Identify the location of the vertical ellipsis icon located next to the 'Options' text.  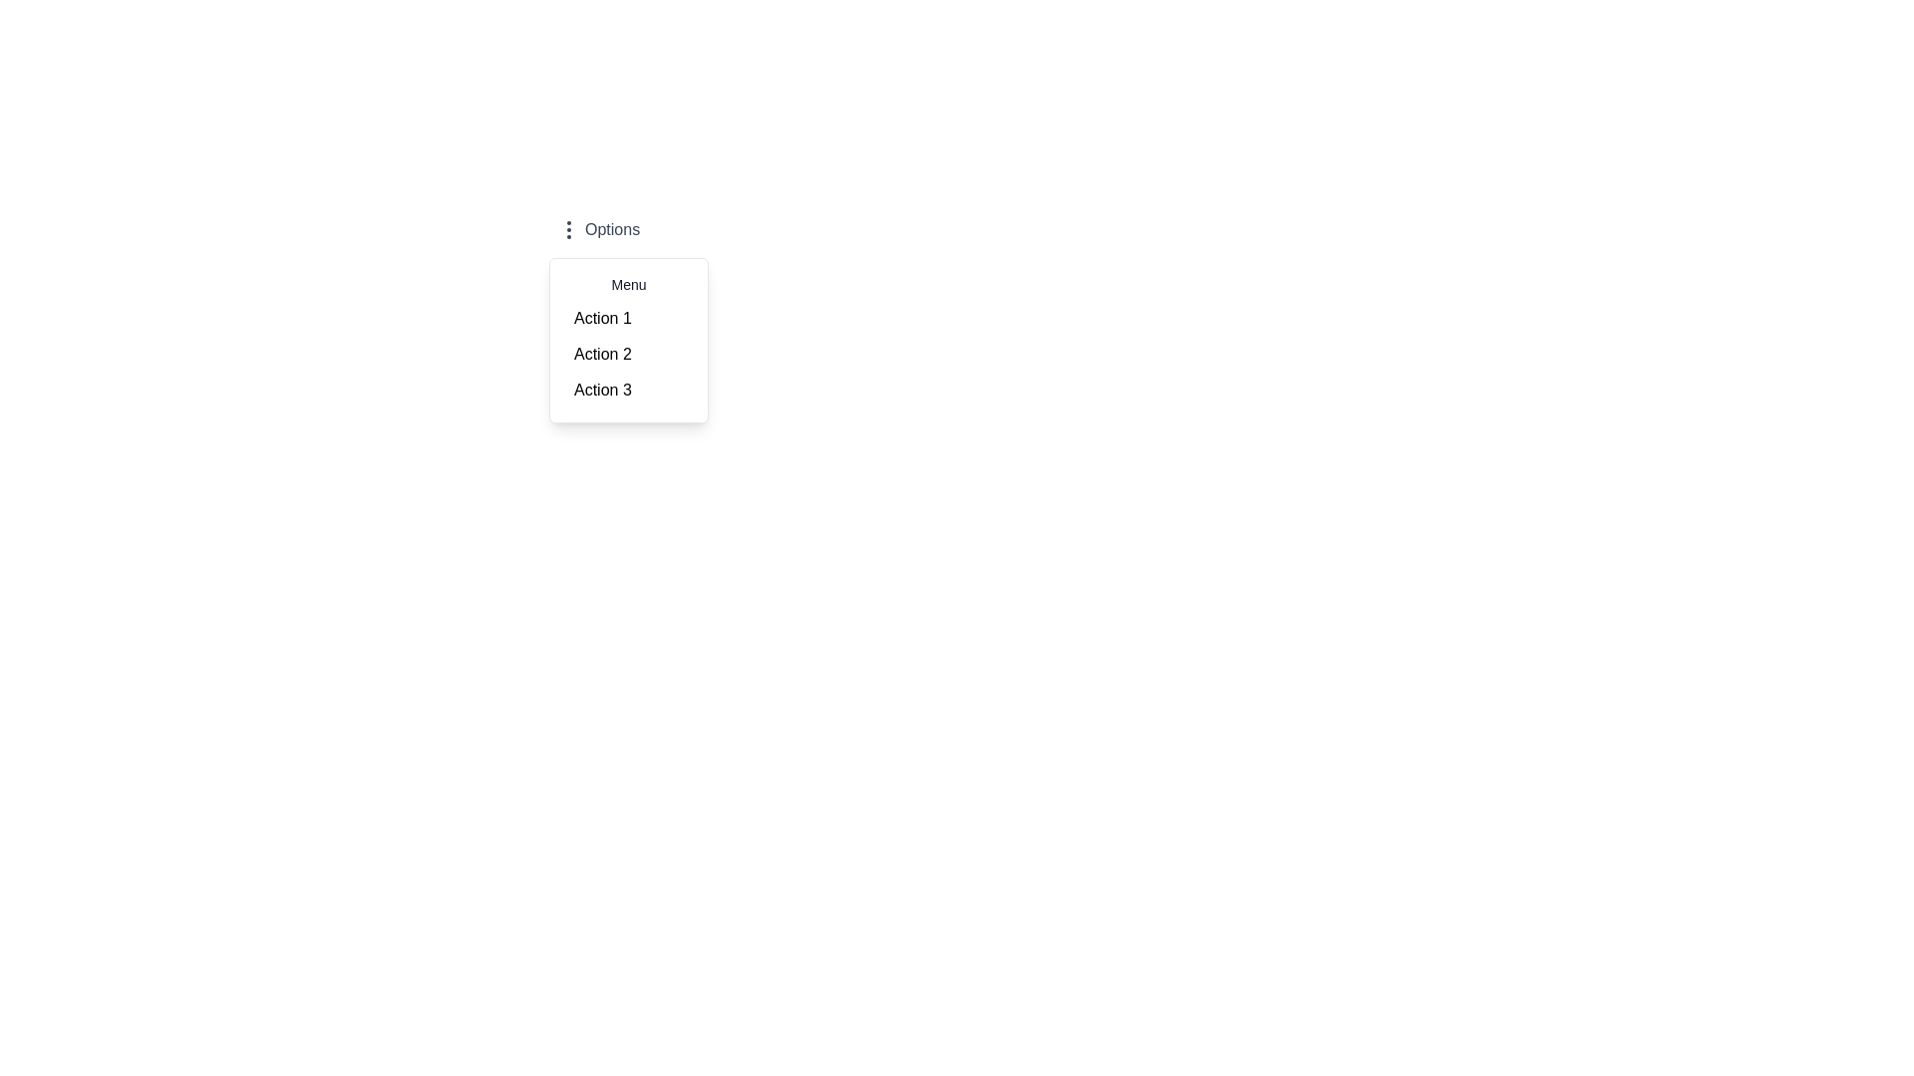
(568, 229).